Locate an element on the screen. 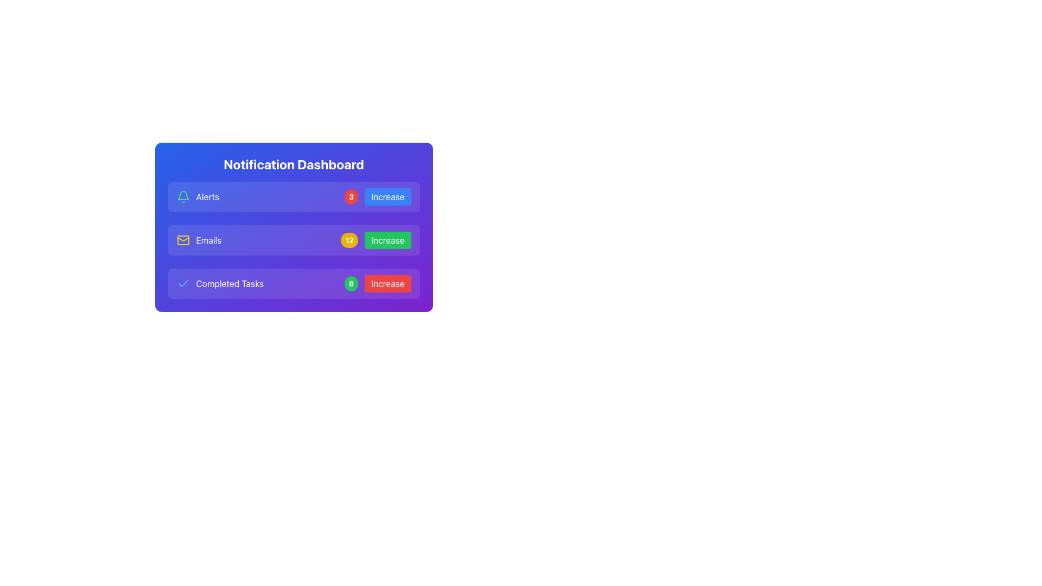 The width and height of the screenshot is (1042, 586). the 'Alerts' text label, which is displayed in white font inside a blue box, located adjacent to a green bell icon in the Notification Dashboard interface is located at coordinates (207, 196).